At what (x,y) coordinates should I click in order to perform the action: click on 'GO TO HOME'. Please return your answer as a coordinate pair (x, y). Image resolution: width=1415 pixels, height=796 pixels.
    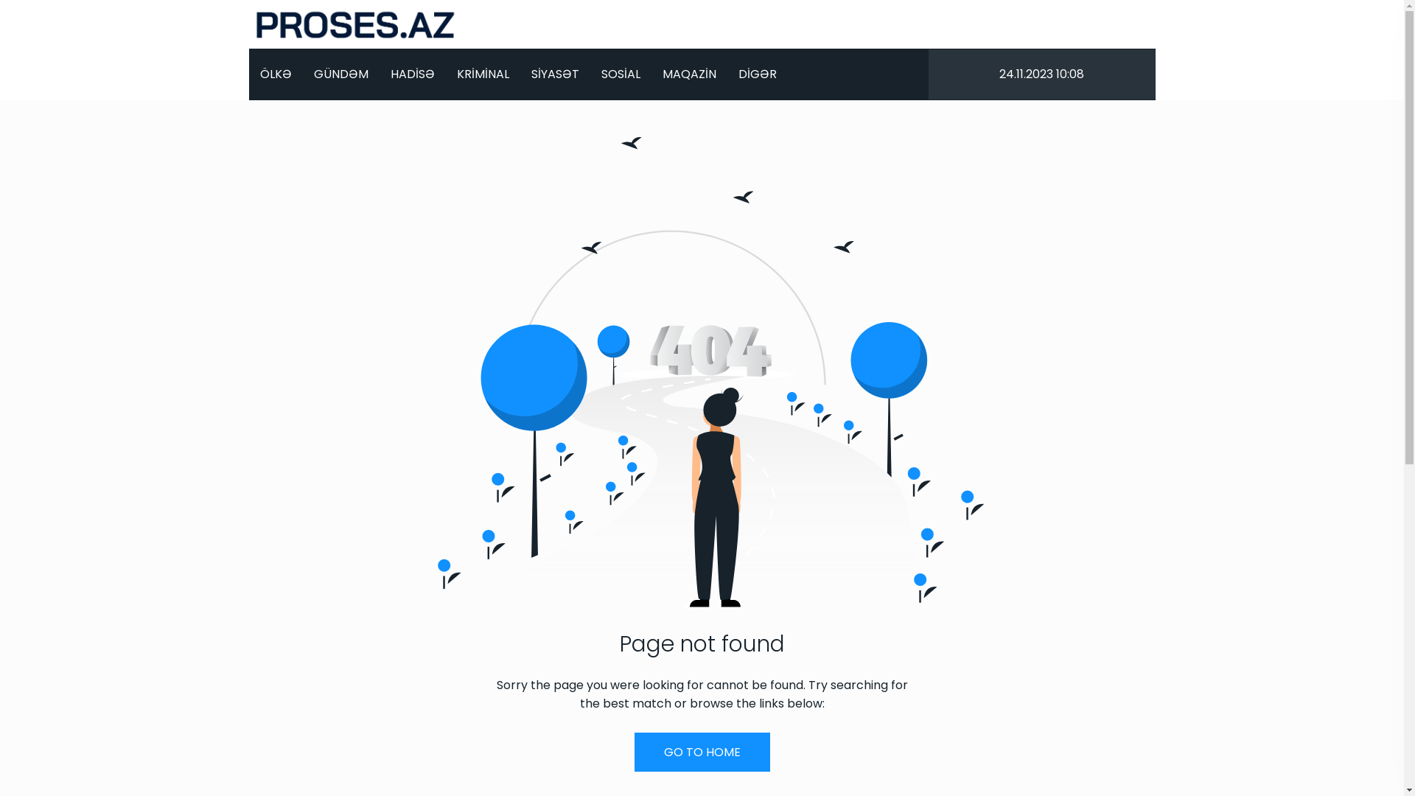
    Looking at the image, I should click on (700, 752).